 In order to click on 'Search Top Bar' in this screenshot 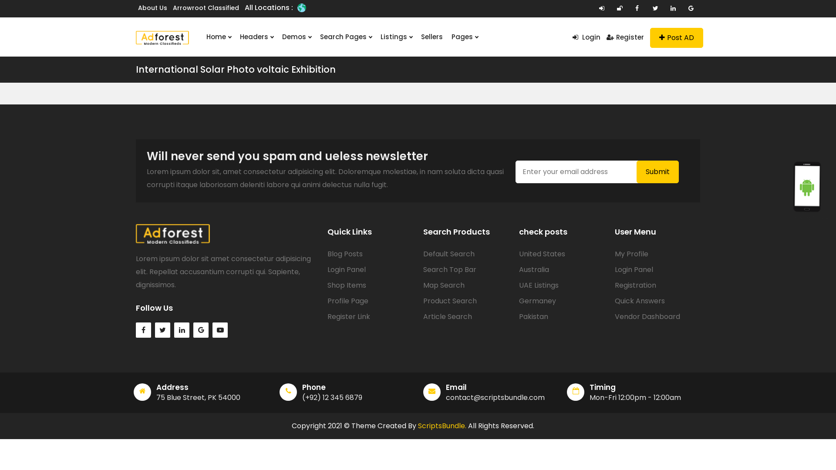, I will do `click(449, 269)`.